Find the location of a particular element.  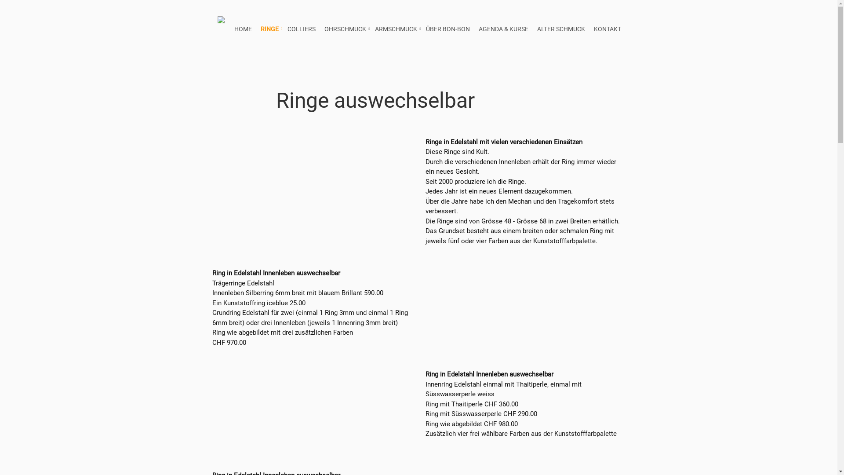

'AGENDA & KURSE' is located at coordinates (503, 29).